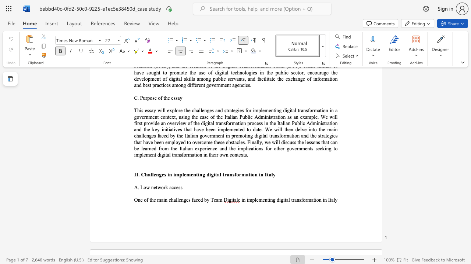  I want to click on the subset text "plemen" within the text "II. Challenges in implementing digital transformation in Italy", so click(179, 175).